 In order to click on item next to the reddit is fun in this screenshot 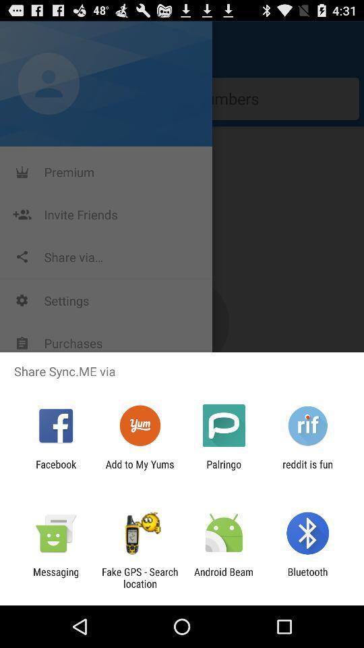, I will do `click(224, 470)`.